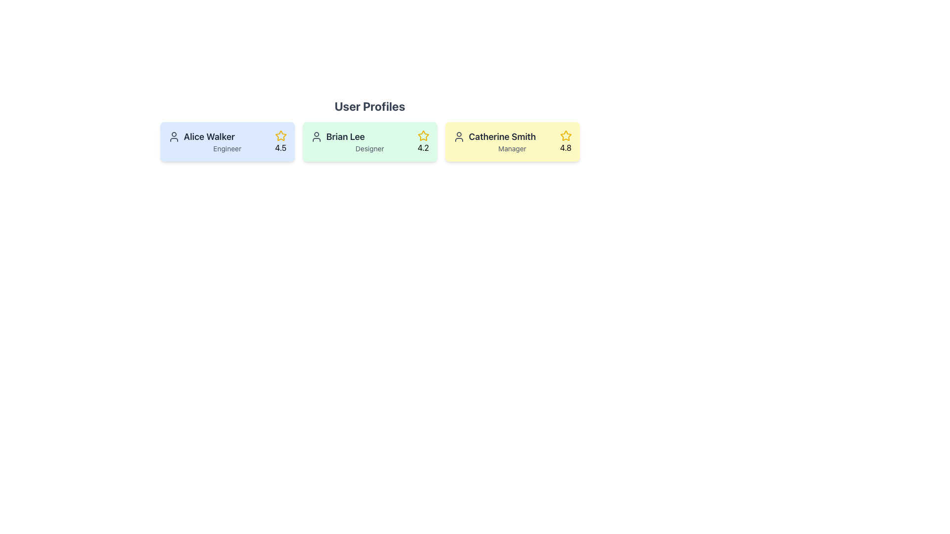 Image resolution: width=950 pixels, height=534 pixels. What do you see at coordinates (174, 137) in the screenshot?
I see `the user profile icon representing Alice Walker, located at the top left corner of the blue card, above the Engineer designation` at bounding box center [174, 137].